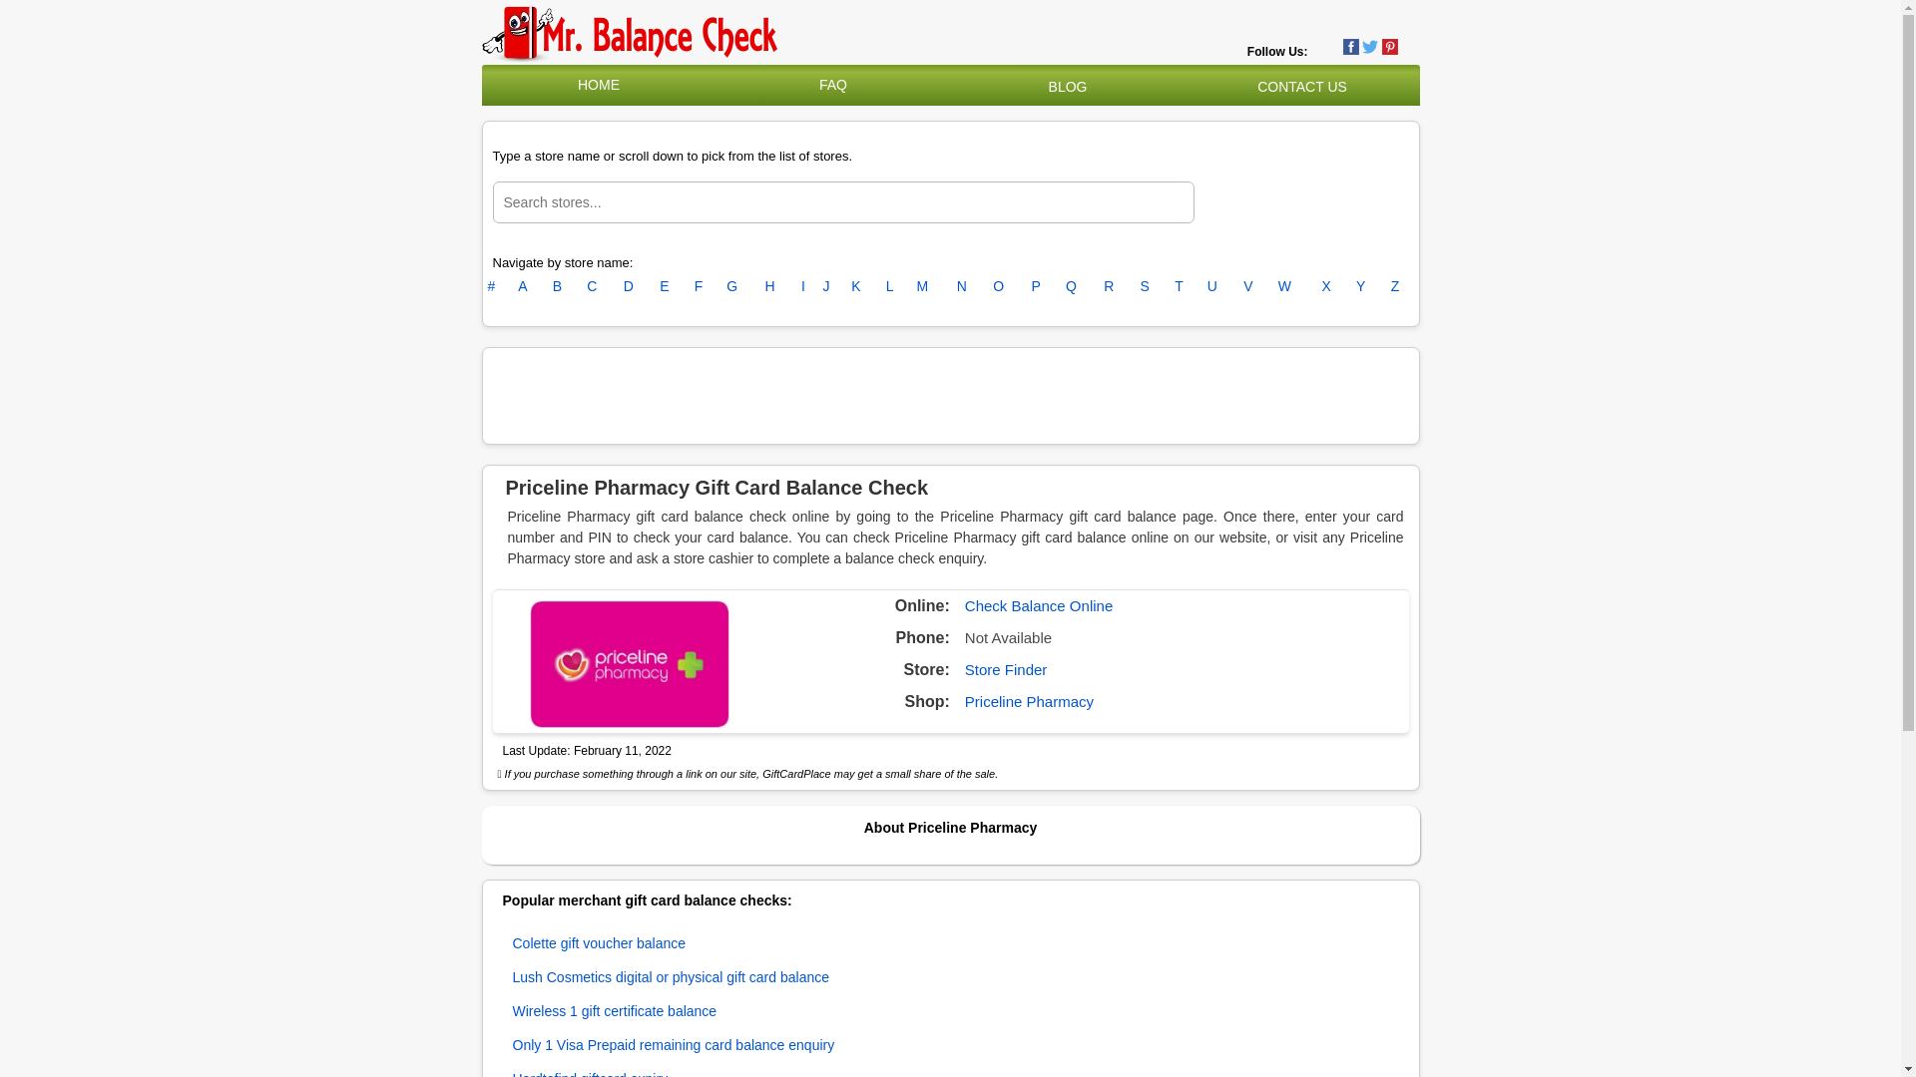 The image size is (1916, 1077). I want to click on 'J', so click(822, 285).